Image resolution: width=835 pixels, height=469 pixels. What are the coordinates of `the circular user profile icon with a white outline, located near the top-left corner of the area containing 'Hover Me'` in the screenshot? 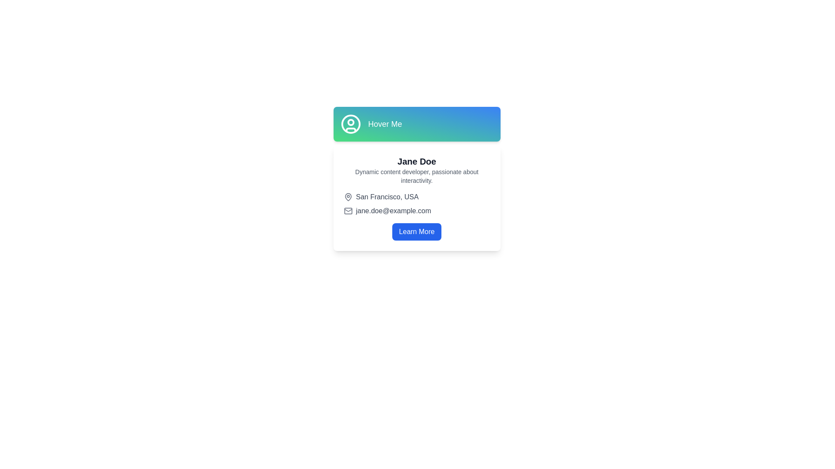 It's located at (351, 124).